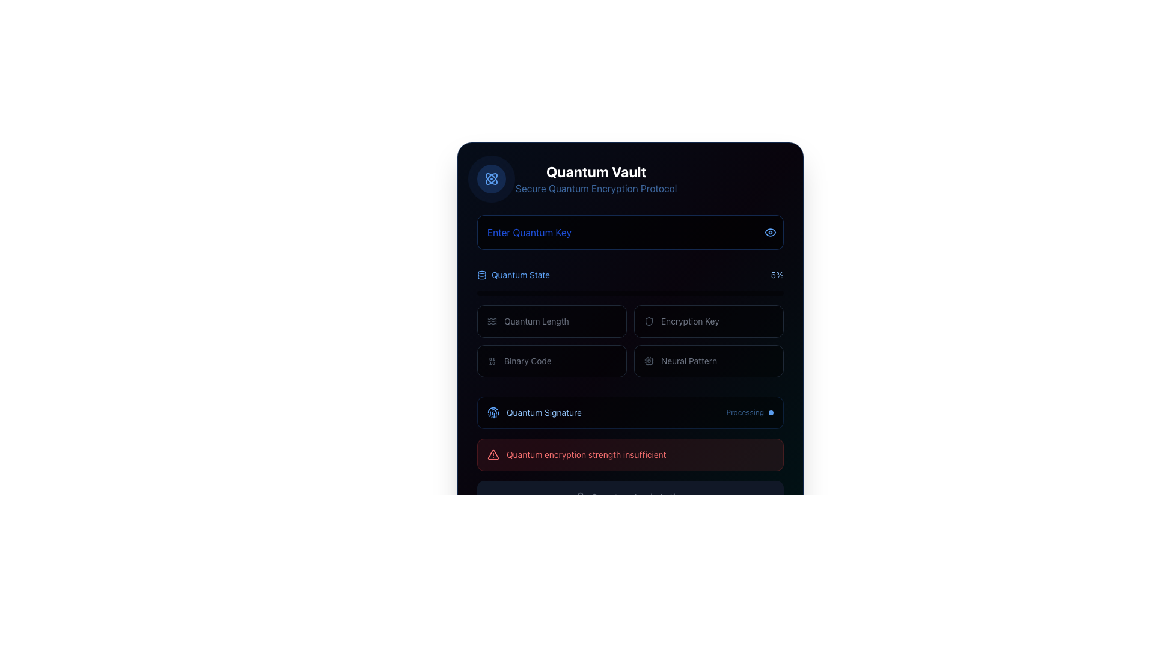  I want to click on the static text header displaying 'Quantum Vault', which is bold and large in white color, positioned prominently at the top of the UI, so click(596, 171).